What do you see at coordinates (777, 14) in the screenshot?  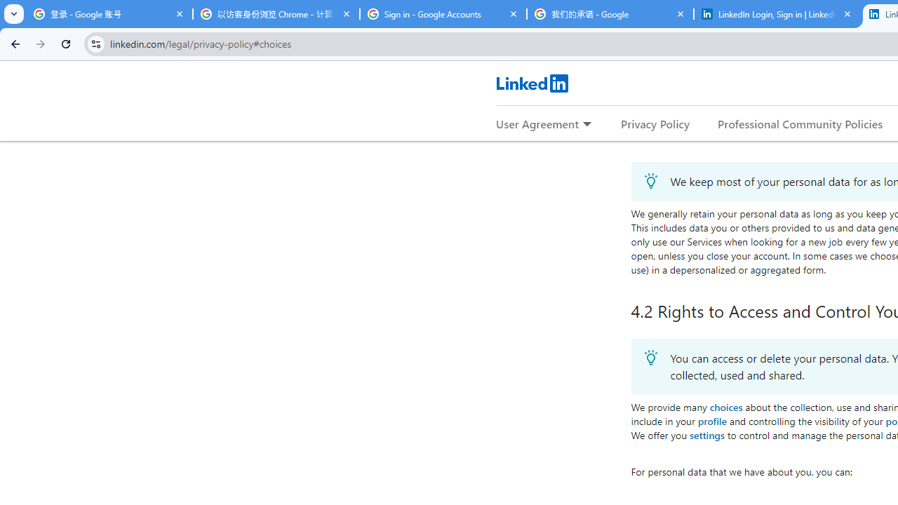 I see `'LinkedIn Login, Sign in | LinkedIn'` at bounding box center [777, 14].